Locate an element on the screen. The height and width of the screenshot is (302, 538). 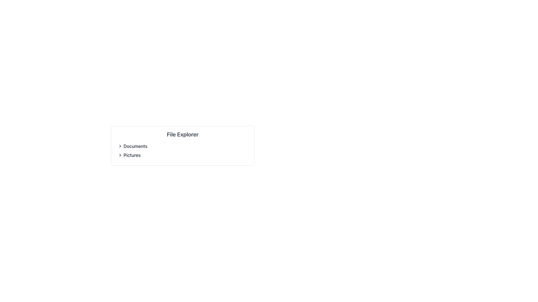
the 'Pictures' label, which is styled in dark gray and bold, located below the 'Documents' label in the file navigation interface is located at coordinates (132, 155).